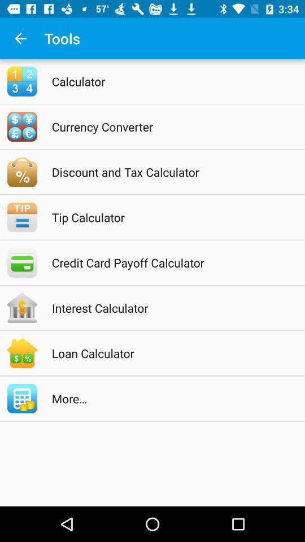 The image size is (305, 542). What do you see at coordinates (167, 217) in the screenshot?
I see `tip calculator icon` at bounding box center [167, 217].